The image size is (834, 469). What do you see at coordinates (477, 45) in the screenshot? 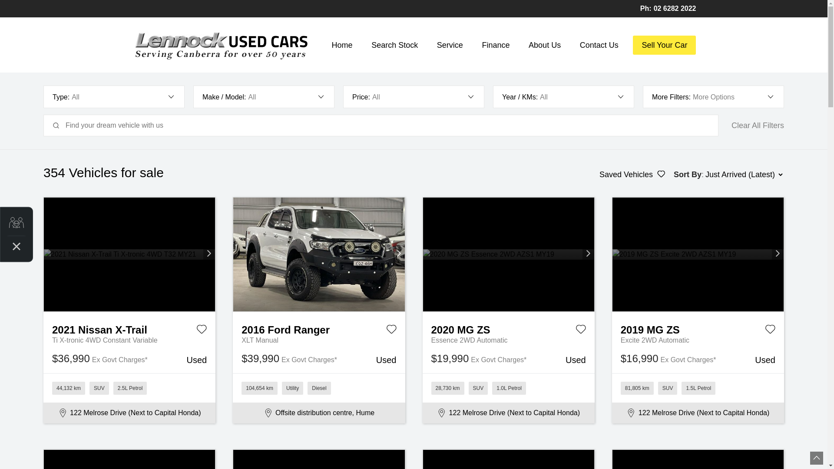
I see `'Finance'` at bounding box center [477, 45].